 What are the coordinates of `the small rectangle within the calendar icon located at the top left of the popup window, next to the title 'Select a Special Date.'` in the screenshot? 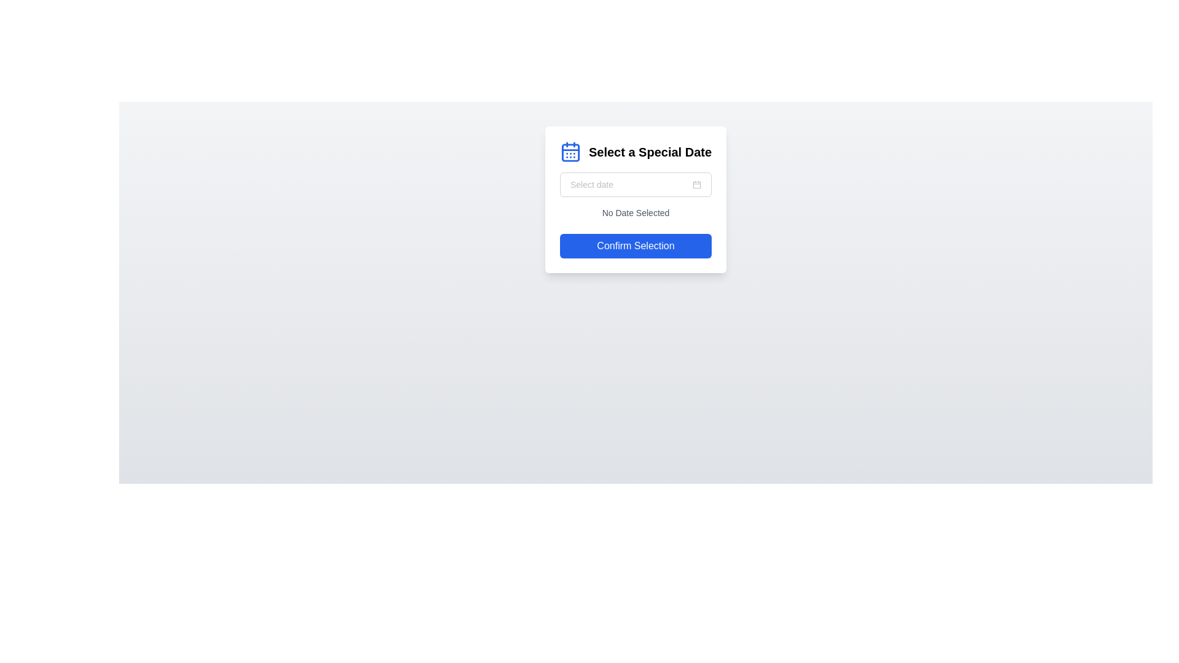 It's located at (570, 152).